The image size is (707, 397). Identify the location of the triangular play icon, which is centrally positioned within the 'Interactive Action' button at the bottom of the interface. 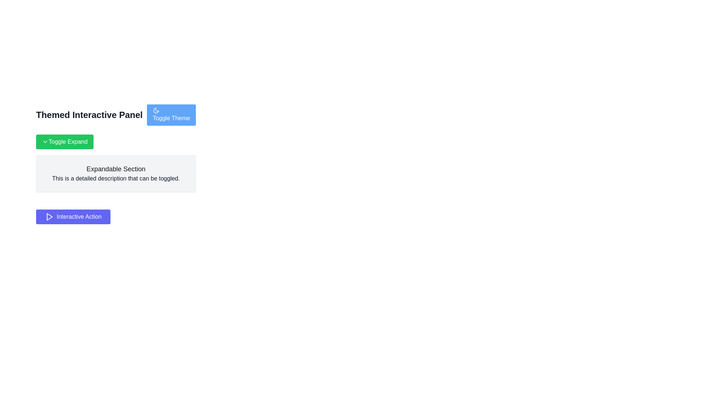
(49, 217).